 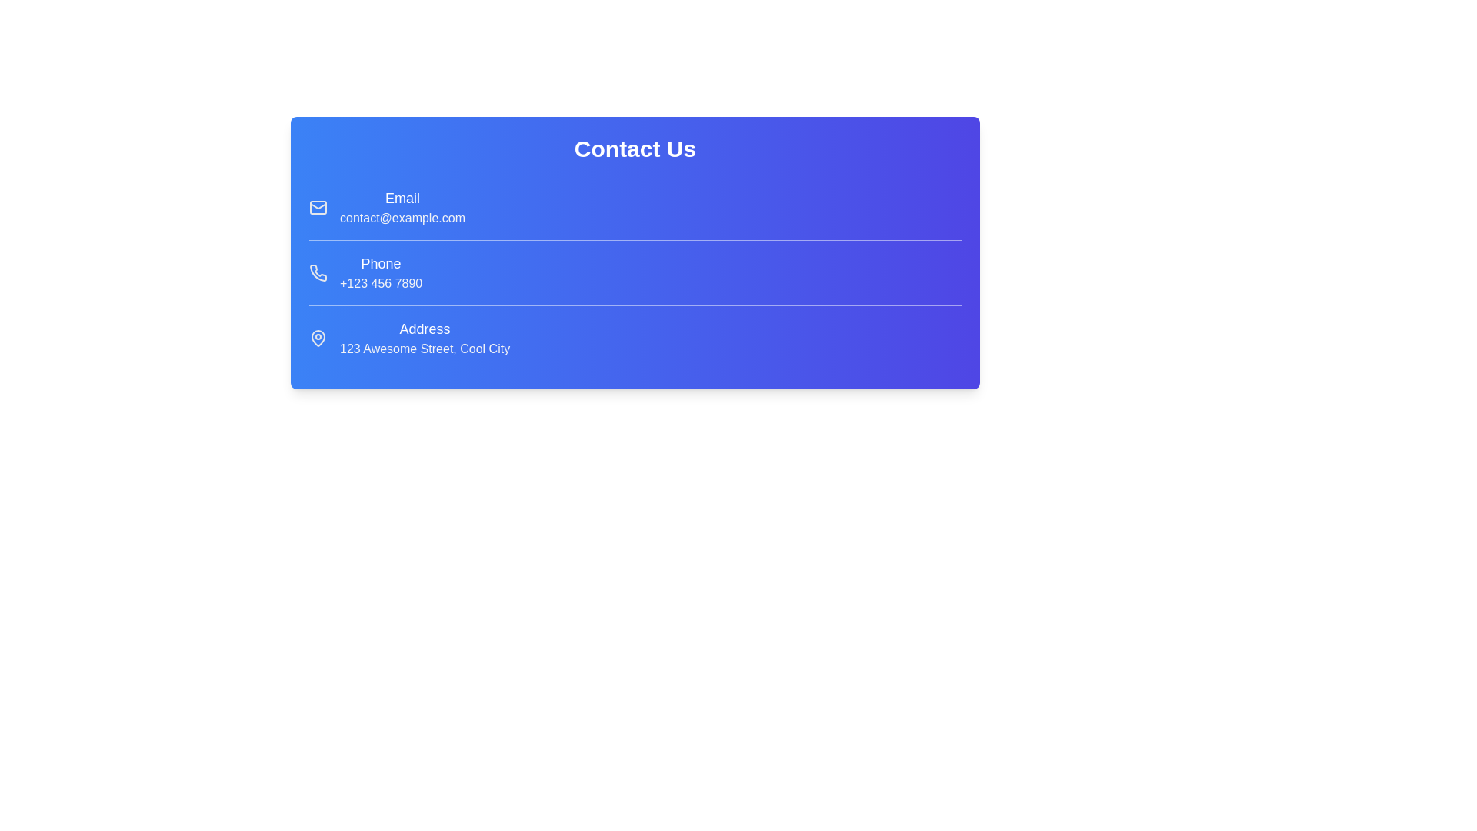 I want to click on the graphical line forming the shape of an envelope's flap, which is the second element within the email icon located to the left of the text 'Email', so click(x=317, y=204).